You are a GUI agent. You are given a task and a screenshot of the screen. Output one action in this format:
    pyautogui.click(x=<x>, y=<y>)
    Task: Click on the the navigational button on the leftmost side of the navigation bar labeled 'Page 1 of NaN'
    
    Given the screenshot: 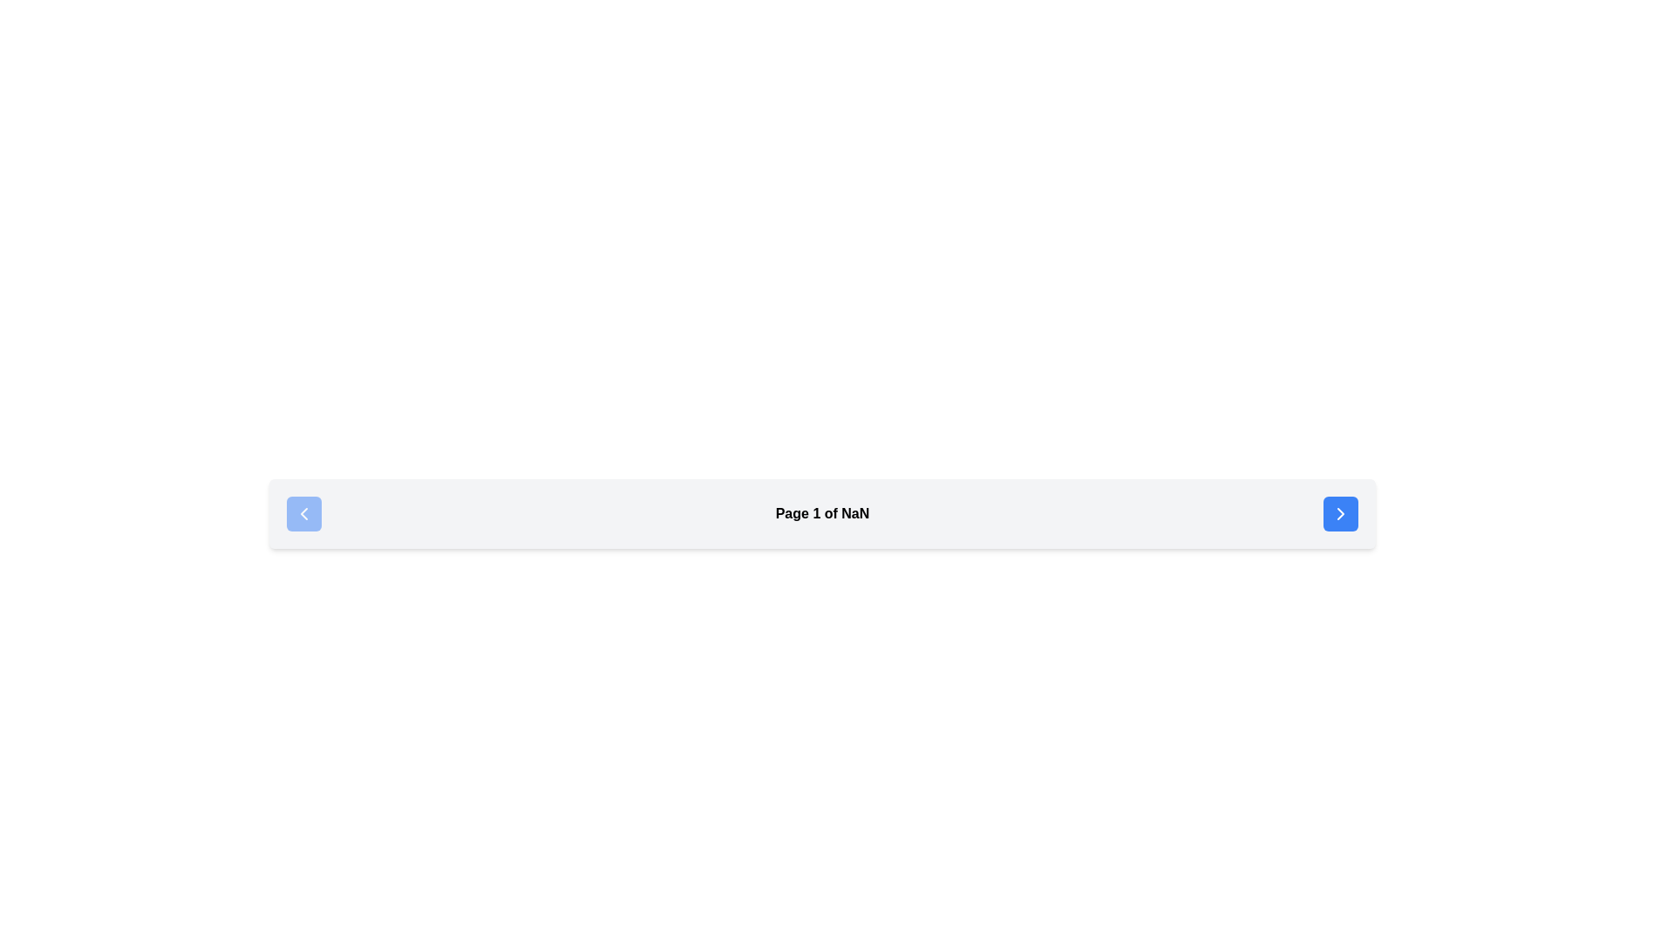 What is the action you would take?
    pyautogui.click(x=304, y=513)
    